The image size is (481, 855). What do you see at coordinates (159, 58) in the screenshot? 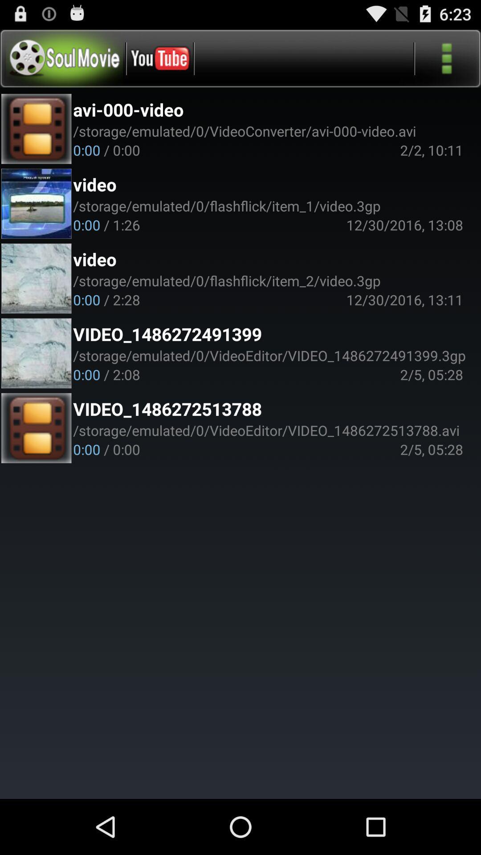
I see `the youtube logo on the web page` at bounding box center [159, 58].